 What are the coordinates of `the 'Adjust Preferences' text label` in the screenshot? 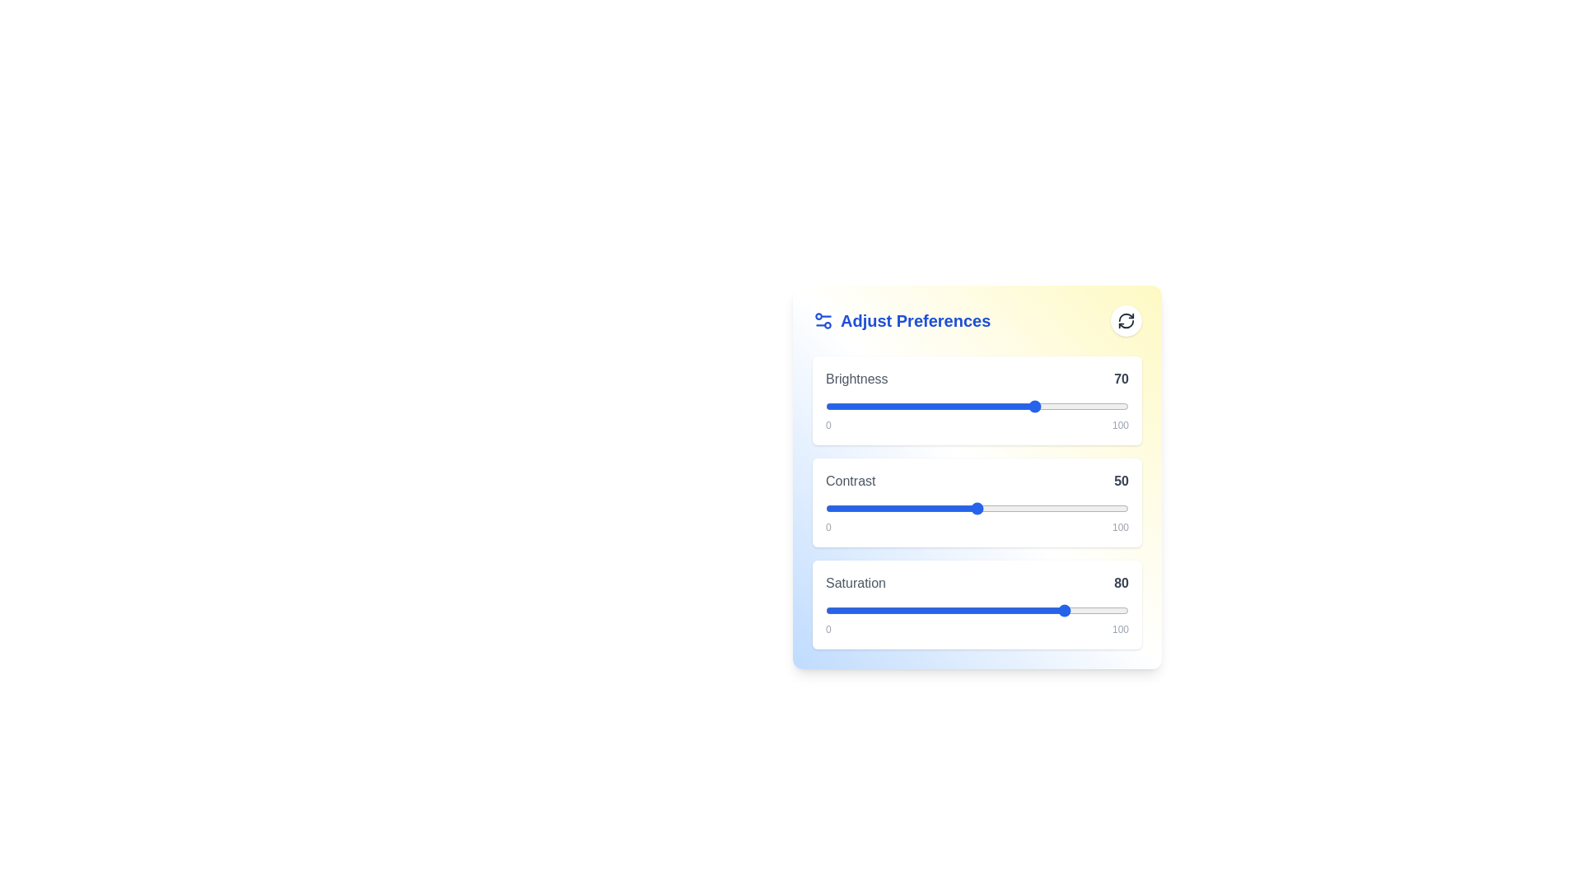 It's located at (901, 320).